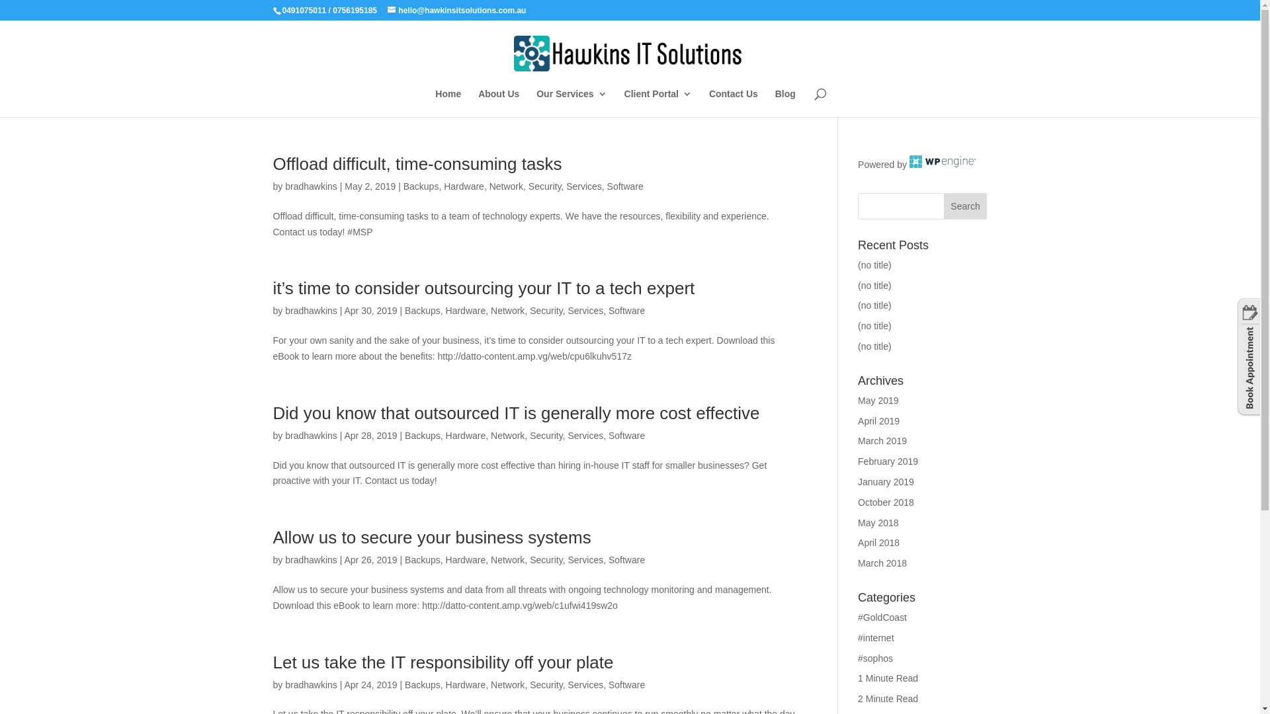 The height and width of the screenshot is (714, 1270). What do you see at coordinates (416, 163) in the screenshot?
I see `'Offload difficult, time-consuming tasks'` at bounding box center [416, 163].